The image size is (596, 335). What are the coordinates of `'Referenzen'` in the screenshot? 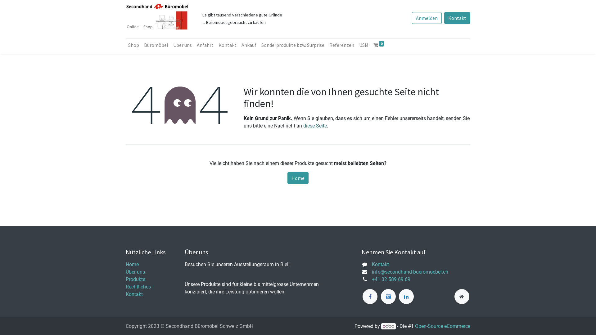 It's located at (341, 45).